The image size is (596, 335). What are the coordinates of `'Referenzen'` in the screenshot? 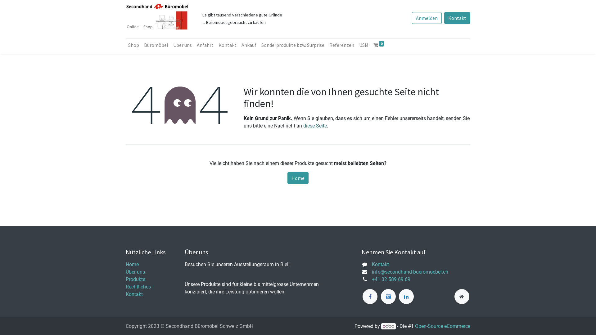 It's located at (341, 45).